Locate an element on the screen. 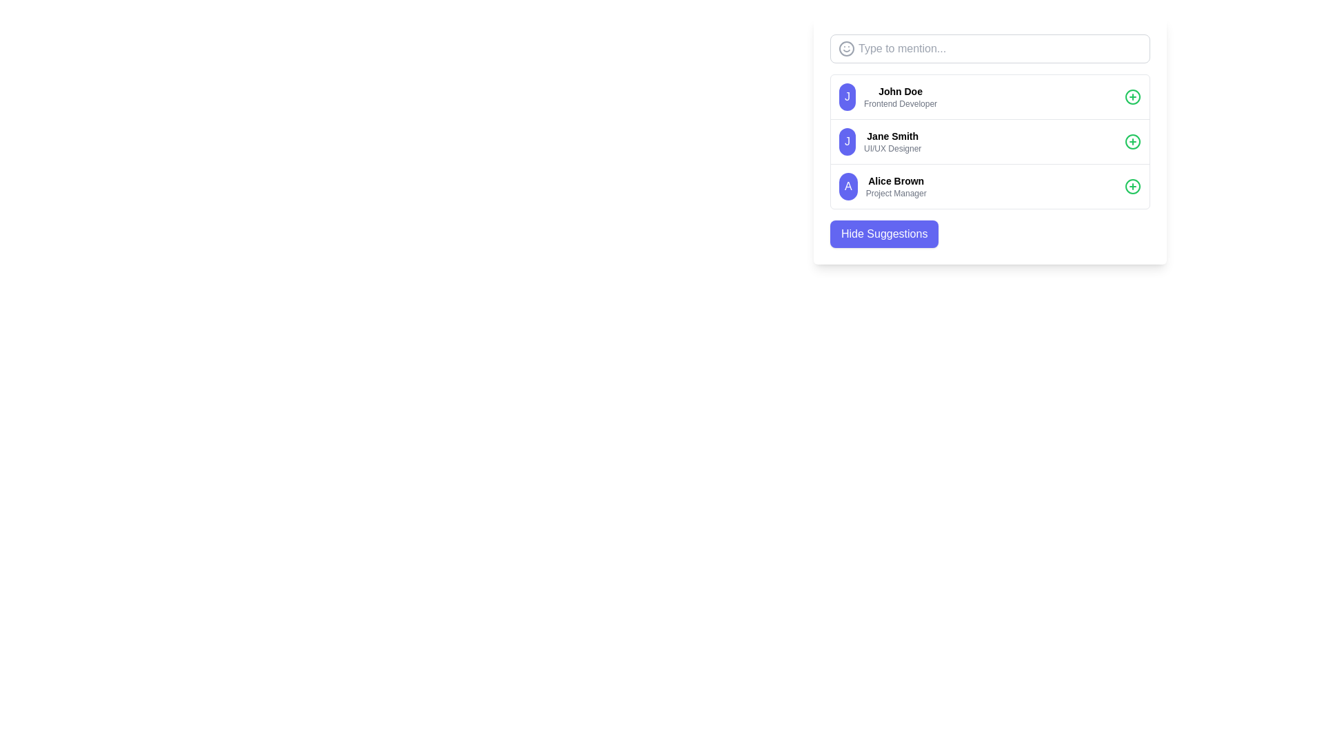 The image size is (1324, 744). the icon located to the leftmost side of the text input field with the placeholder 'Type to mention...'. This icon indicates the interactive nature of the input field is located at coordinates (846, 48).